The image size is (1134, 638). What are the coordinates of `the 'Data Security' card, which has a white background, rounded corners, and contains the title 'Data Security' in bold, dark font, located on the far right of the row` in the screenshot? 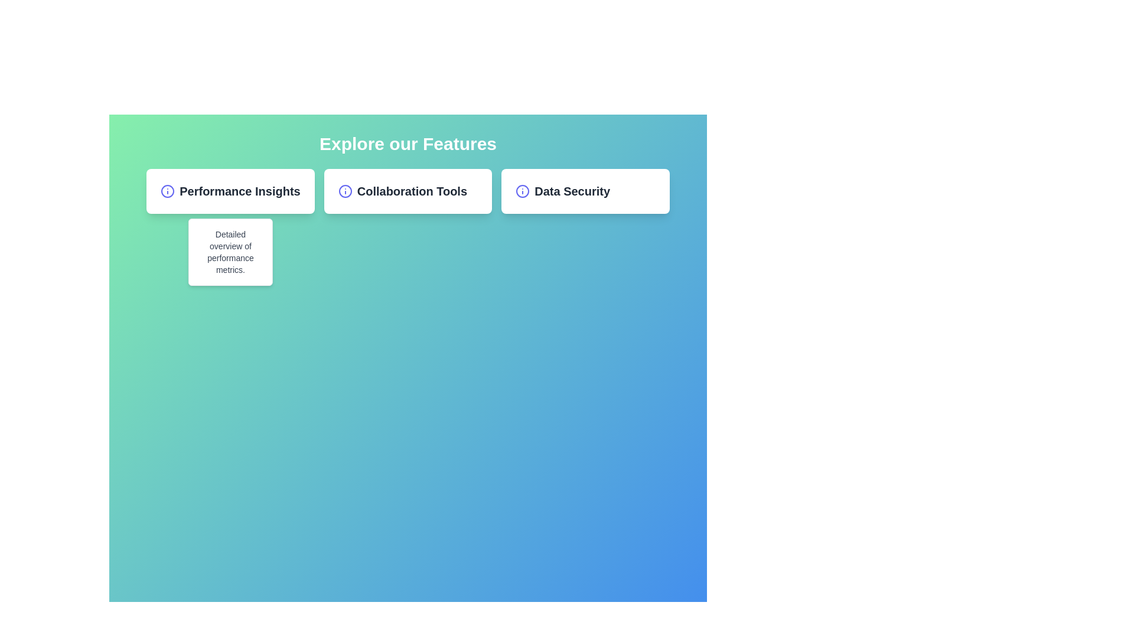 It's located at (585, 191).